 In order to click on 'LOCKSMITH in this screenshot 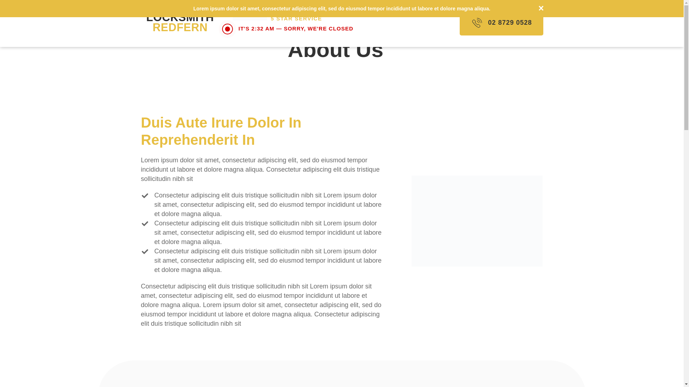, I will do `click(146, 22)`.